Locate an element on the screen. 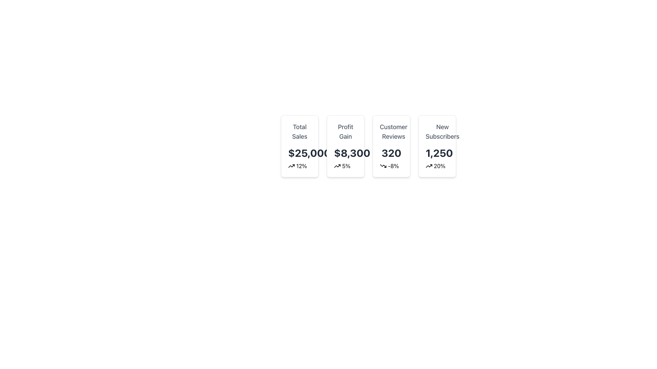 Image resolution: width=657 pixels, height=369 pixels. the Statistical Card, which displays the profit gain statistic and is the second card from the left in the grid layout is located at coordinates (345, 146).